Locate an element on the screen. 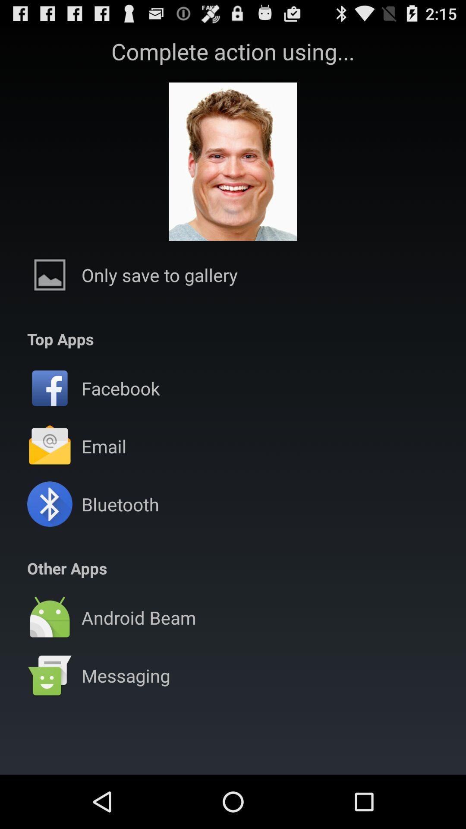  email is located at coordinates (104, 446).